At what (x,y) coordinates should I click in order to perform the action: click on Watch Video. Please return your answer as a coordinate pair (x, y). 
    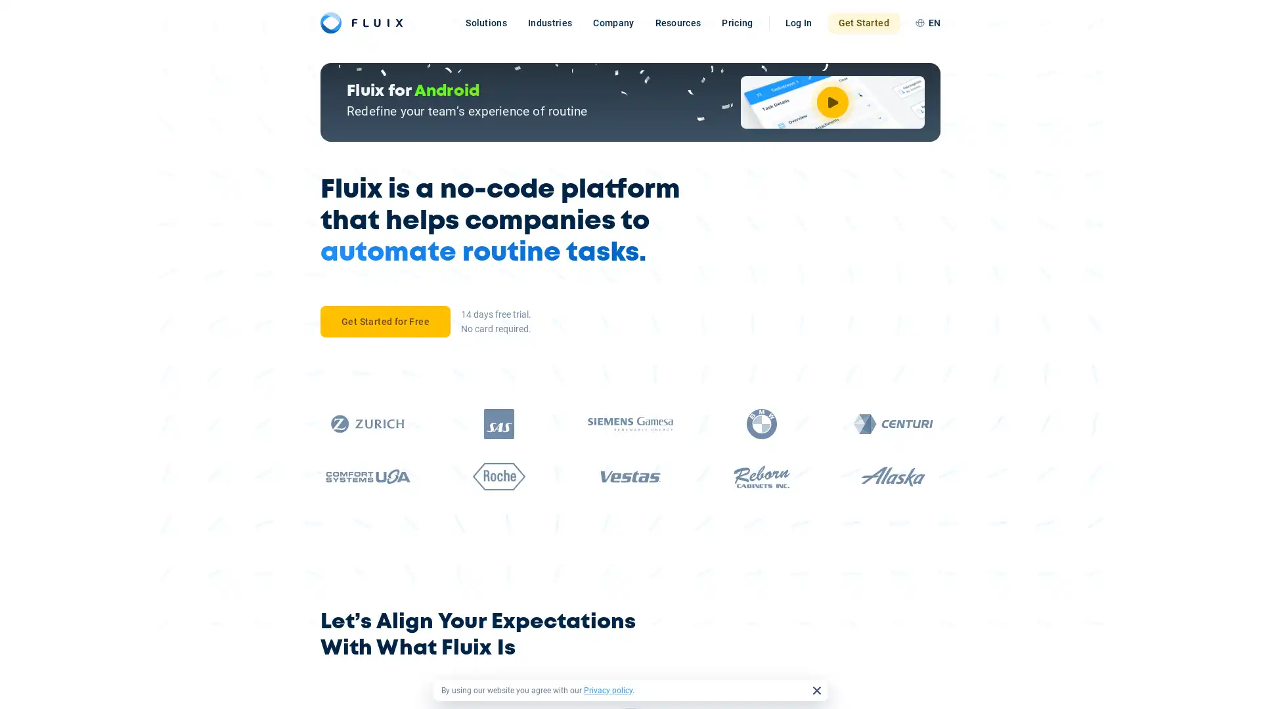
    Looking at the image, I should click on (831, 101).